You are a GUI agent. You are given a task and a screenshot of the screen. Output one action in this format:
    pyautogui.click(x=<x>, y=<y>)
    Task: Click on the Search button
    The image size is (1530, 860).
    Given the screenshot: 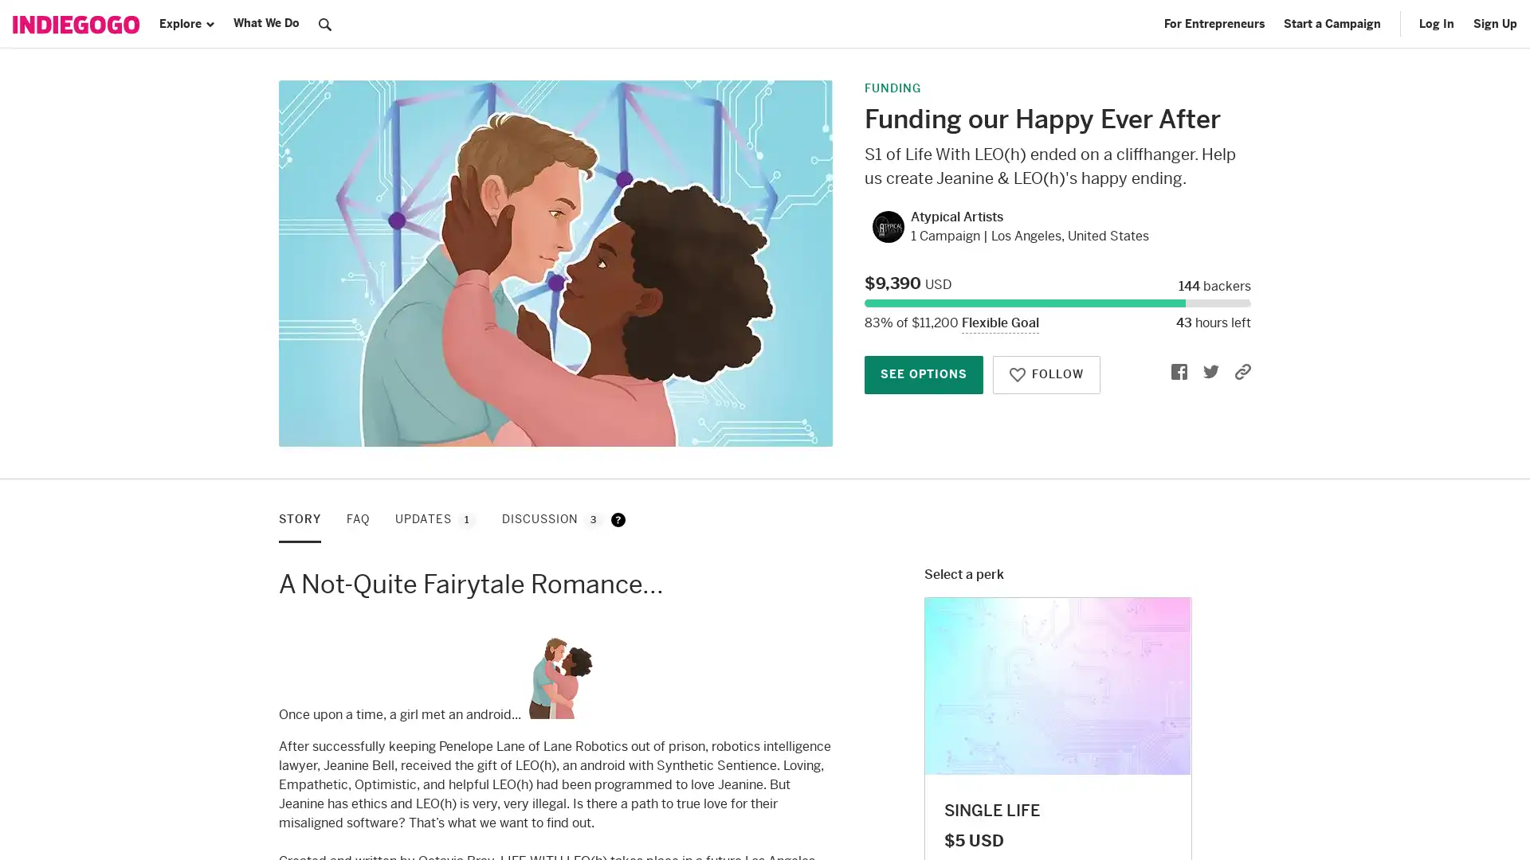 What is the action you would take?
    pyautogui.click(x=324, y=23)
    